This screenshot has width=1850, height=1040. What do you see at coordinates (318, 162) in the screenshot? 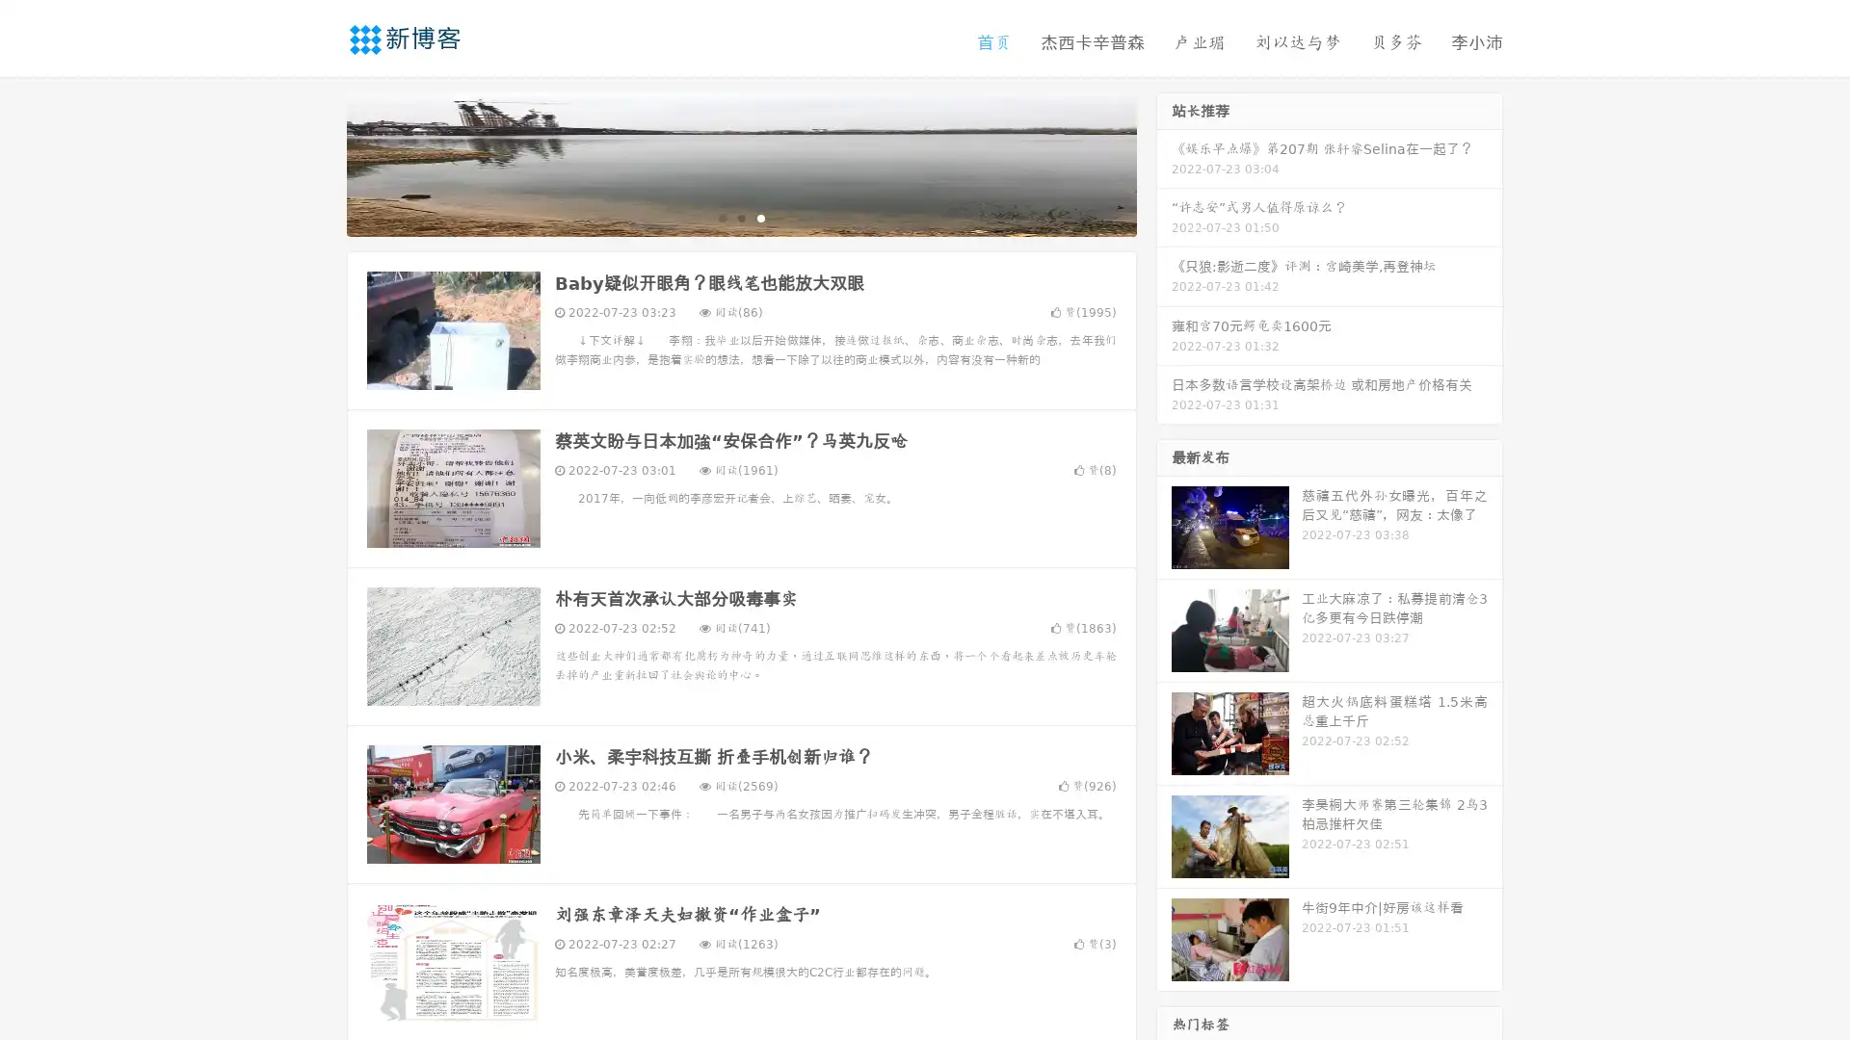
I see `Previous slide` at bounding box center [318, 162].